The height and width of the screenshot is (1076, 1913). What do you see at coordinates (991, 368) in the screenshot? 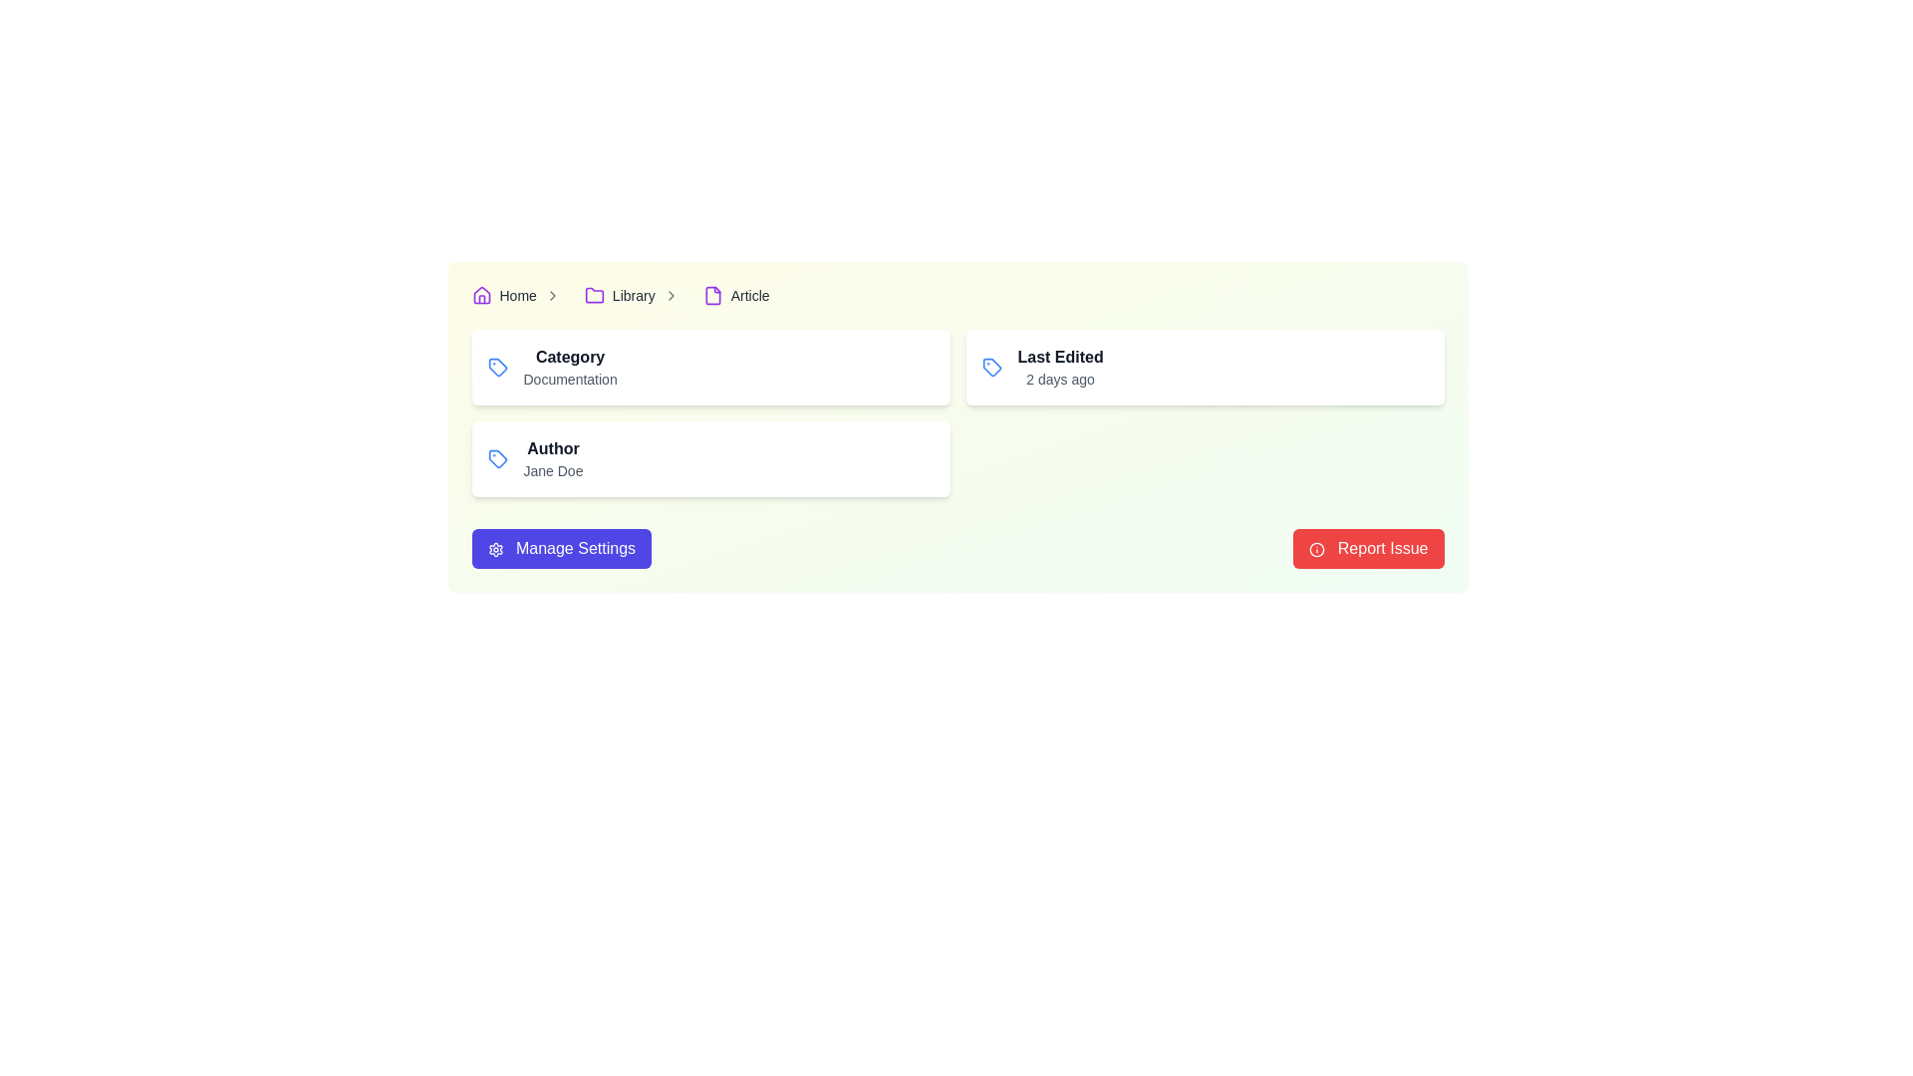
I see `the blue tag outline icon located within a white card, positioned to the left of the text 'Last Edited'` at bounding box center [991, 368].